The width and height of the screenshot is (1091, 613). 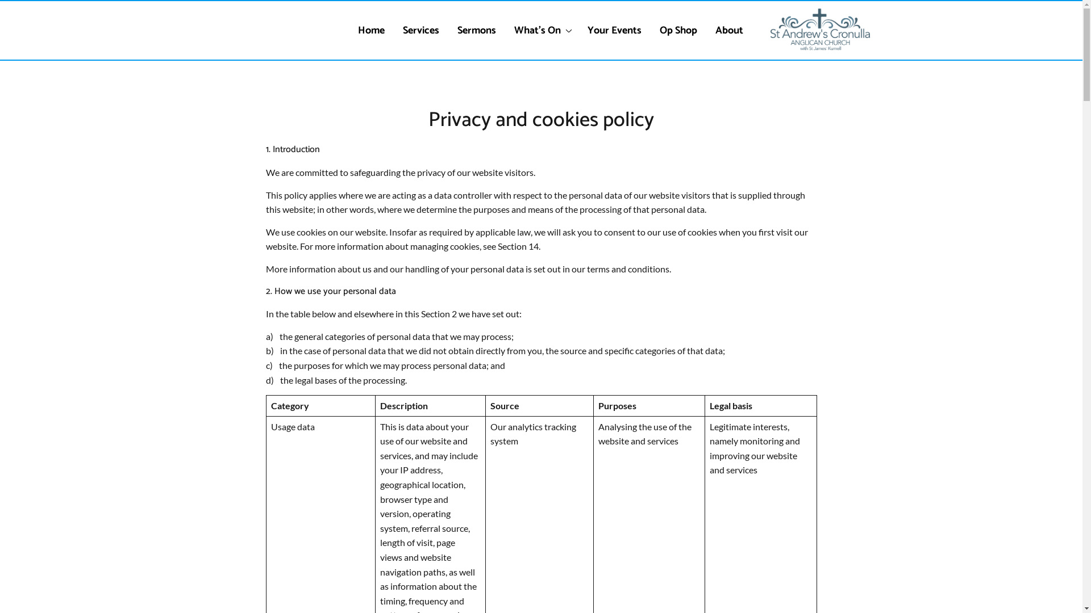 I want to click on 'Services', so click(x=420, y=30).